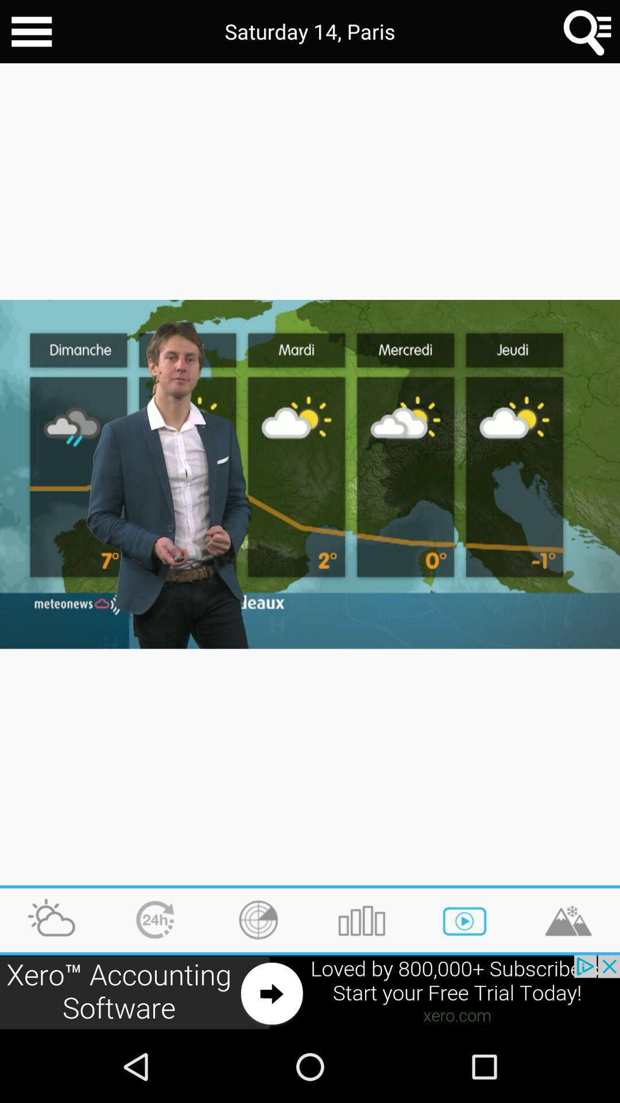 This screenshot has width=620, height=1103. I want to click on go back, so click(31, 32).